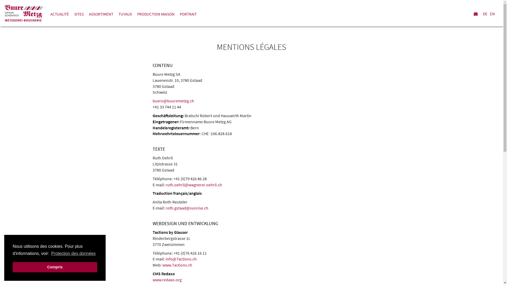  Describe the element at coordinates (181, 258) in the screenshot. I see `'info@7actions.ch'` at that location.